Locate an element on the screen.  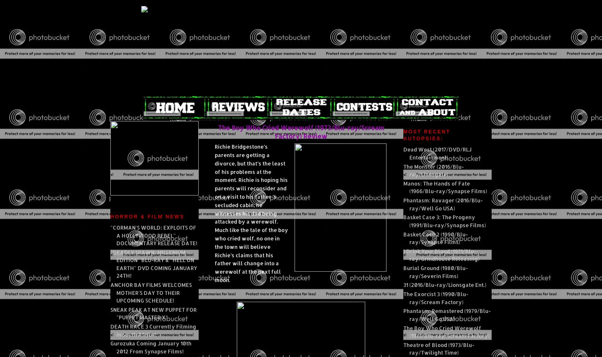
'Manos: The Hands of Fate (1966/Blu-ray/Synapse Films)' is located at coordinates (445, 186).